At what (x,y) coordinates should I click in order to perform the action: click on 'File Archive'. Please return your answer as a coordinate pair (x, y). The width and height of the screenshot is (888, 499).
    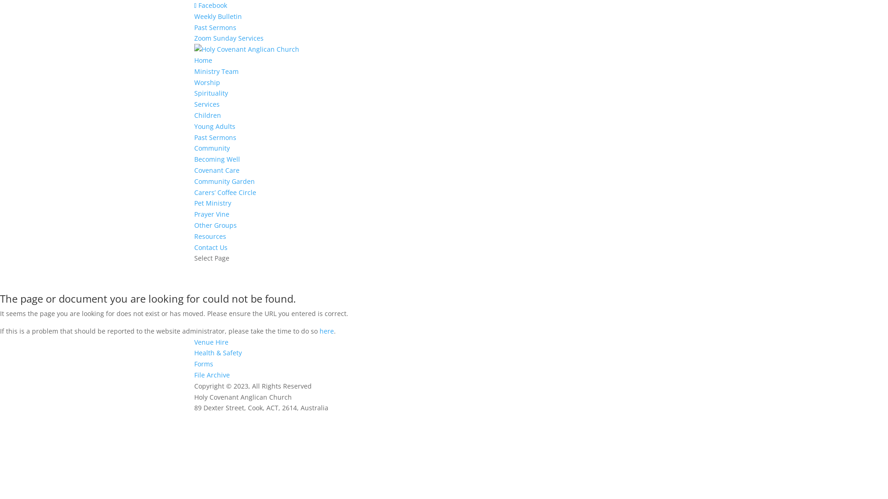
    Looking at the image, I should click on (211, 375).